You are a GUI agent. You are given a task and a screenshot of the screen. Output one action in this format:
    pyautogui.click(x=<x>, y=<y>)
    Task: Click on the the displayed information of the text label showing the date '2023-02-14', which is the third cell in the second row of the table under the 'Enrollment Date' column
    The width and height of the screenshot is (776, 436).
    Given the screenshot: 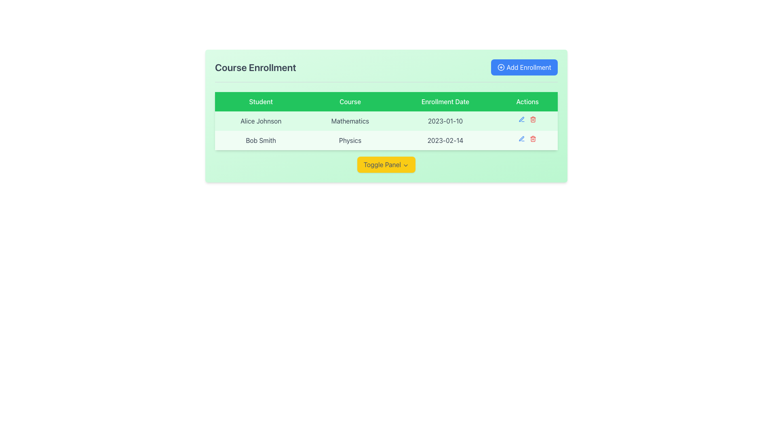 What is the action you would take?
    pyautogui.click(x=445, y=140)
    